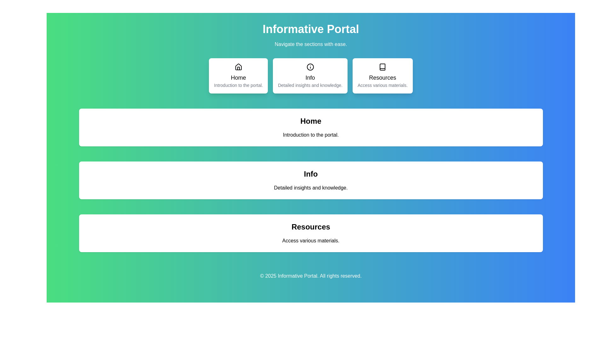  I want to click on the informational text label located below the 'Home' heading within the white rectangular box of the 'Home' section, so click(311, 134).